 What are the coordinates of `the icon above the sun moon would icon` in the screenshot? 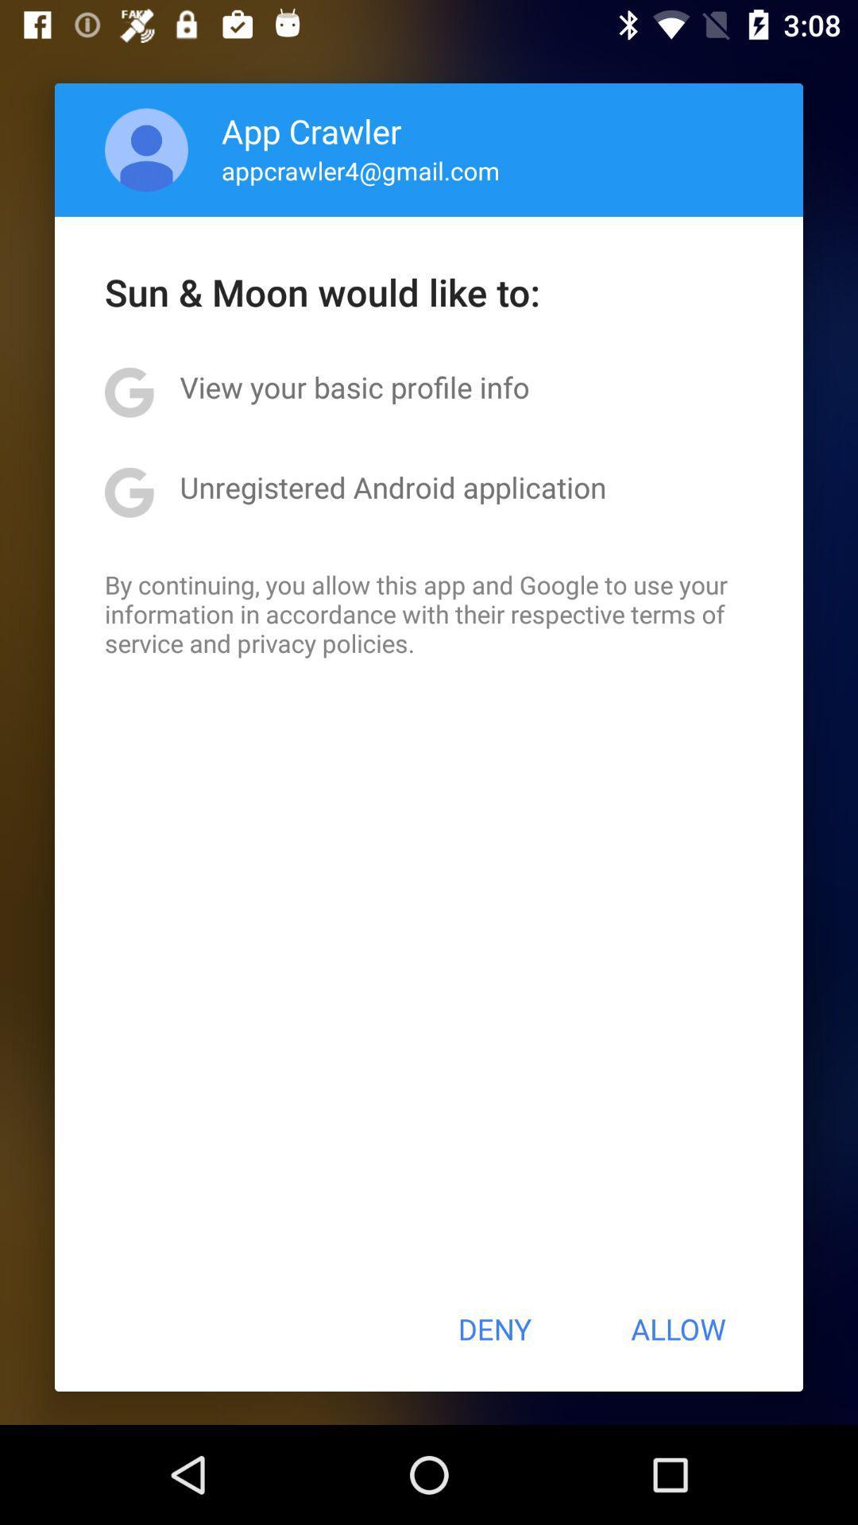 It's located at (361, 170).